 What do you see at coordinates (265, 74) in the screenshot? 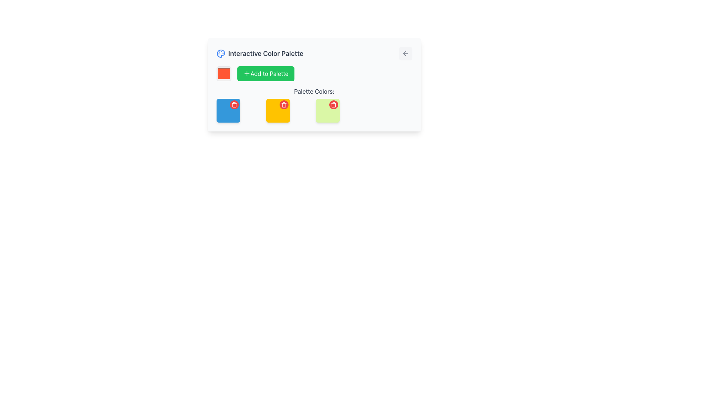
I see `the bright green 'Add to Palette' button with rounded corners, which is positioned to the right of the color swatch selection area` at bounding box center [265, 74].